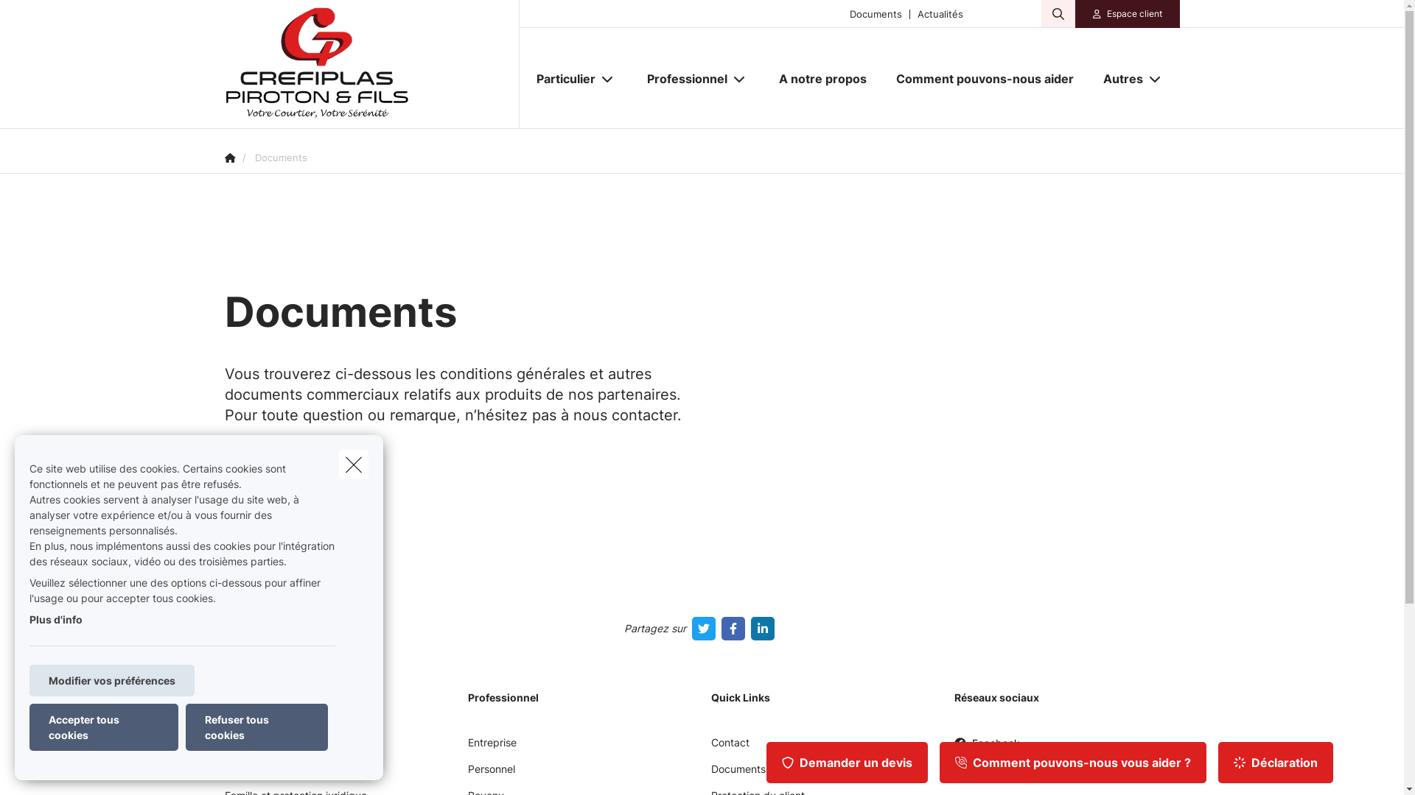 Image resolution: width=1415 pixels, height=795 pixels. I want to click on 'Refuser tous cookies', so click(185, 726).